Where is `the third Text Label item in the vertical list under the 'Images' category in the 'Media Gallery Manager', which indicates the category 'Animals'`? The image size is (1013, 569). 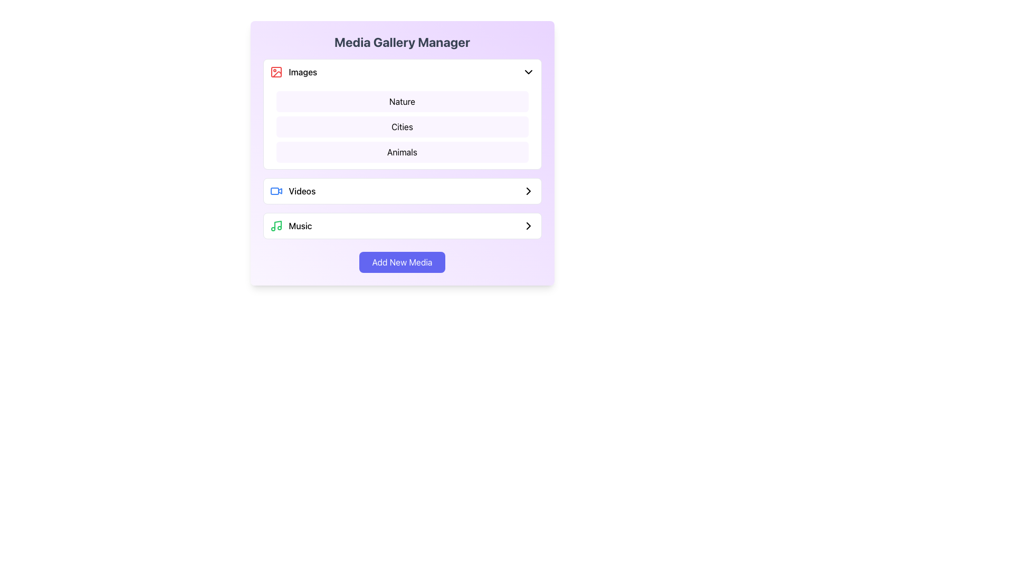 the third Text Label item in the vertical list under the 'Images' category in the 'Media Gallery Manager', which indicates the category 'Animals' is located at coordinates (402, 152).